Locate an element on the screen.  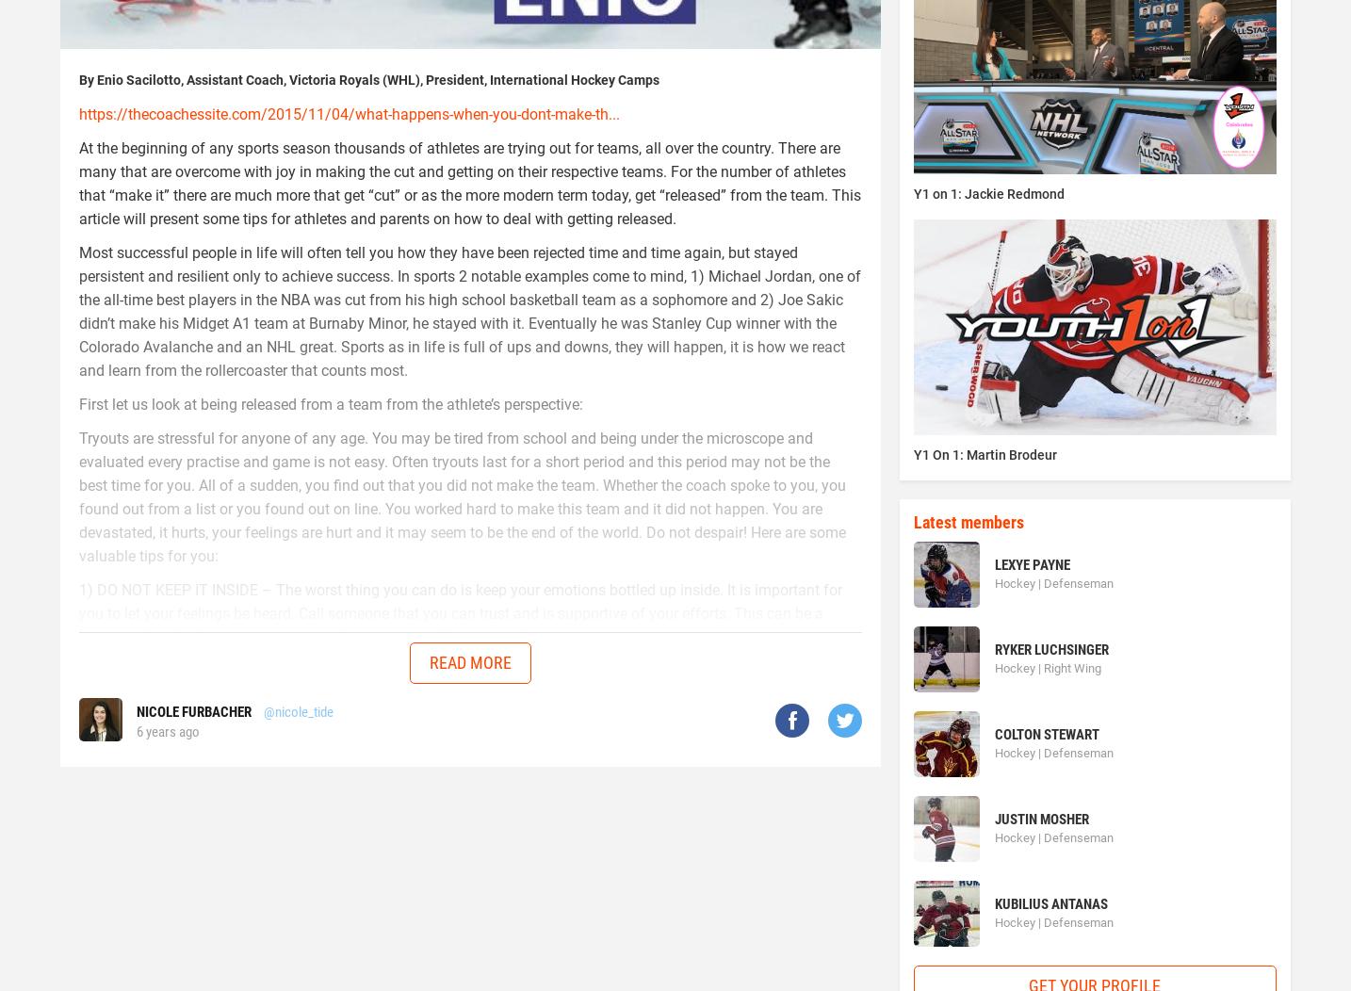
'By Enio Sacilotto, Assistant Coach, Victoria Royals (WHL), President, International Hockey Camps' is located at coordinates (370, 77).